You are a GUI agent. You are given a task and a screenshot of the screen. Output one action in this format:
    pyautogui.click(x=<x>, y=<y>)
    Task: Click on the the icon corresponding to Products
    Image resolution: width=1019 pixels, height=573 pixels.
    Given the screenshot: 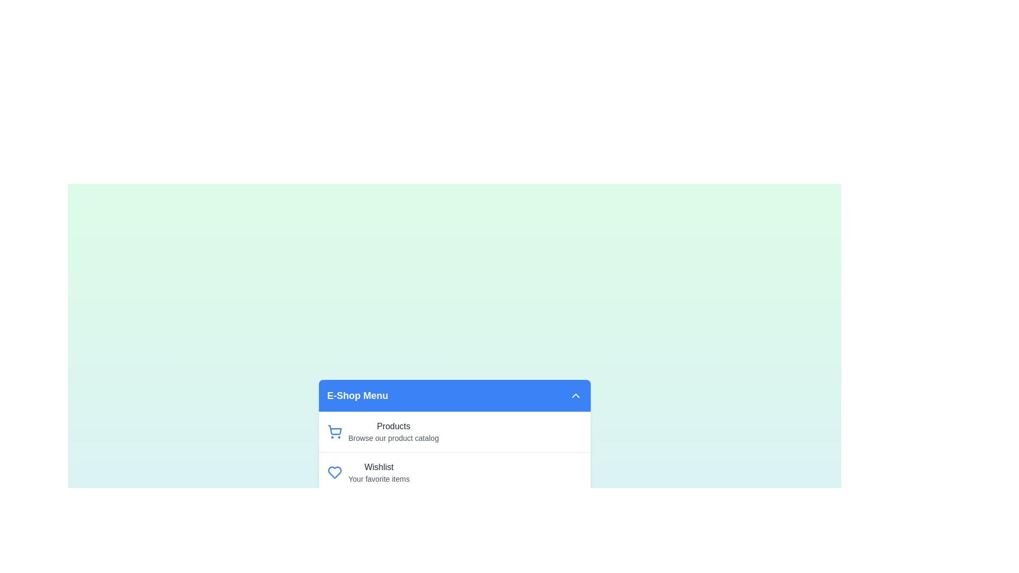 What is the action you would take?
    pyautogui.click(x=334, y=431)
    